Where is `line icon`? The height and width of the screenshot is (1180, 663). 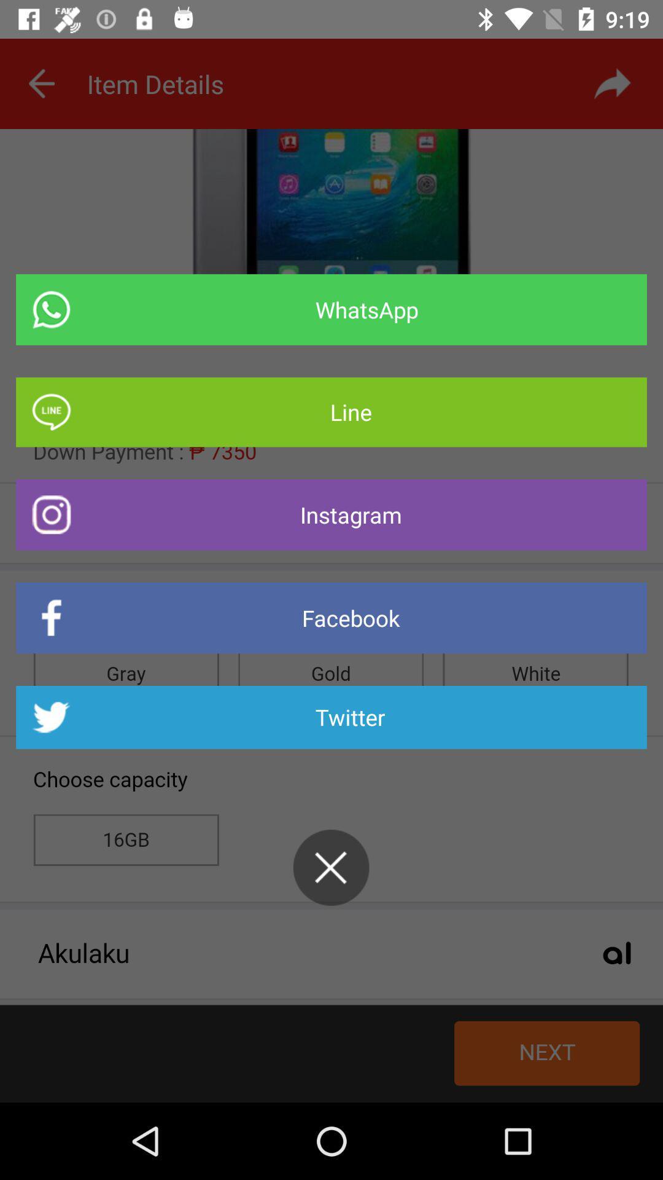 line icon is located at coordinates (331, 412).